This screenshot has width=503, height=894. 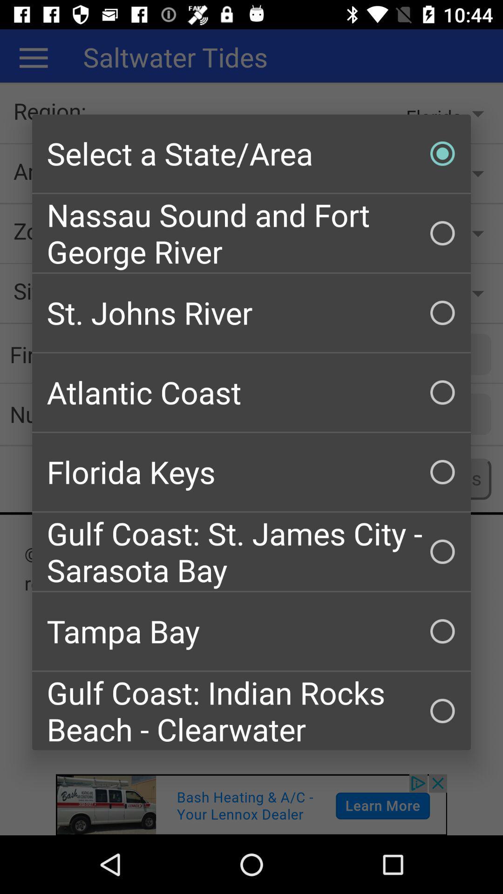 I want to click on select a state, so click(x=251, y=154).